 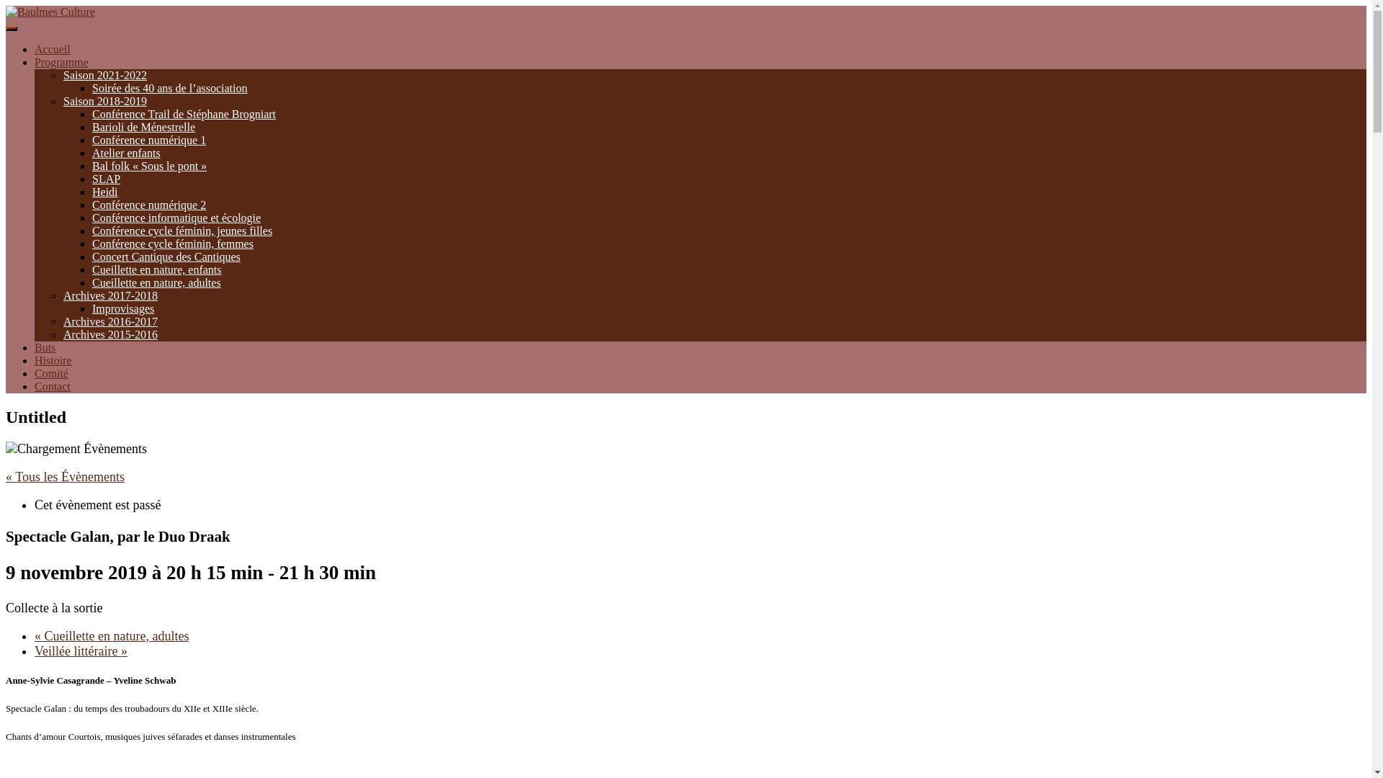 What do you see at coordinates (105, 178) in the screenshot?
I see `'SLAP'` at bounding box center [105, 178].